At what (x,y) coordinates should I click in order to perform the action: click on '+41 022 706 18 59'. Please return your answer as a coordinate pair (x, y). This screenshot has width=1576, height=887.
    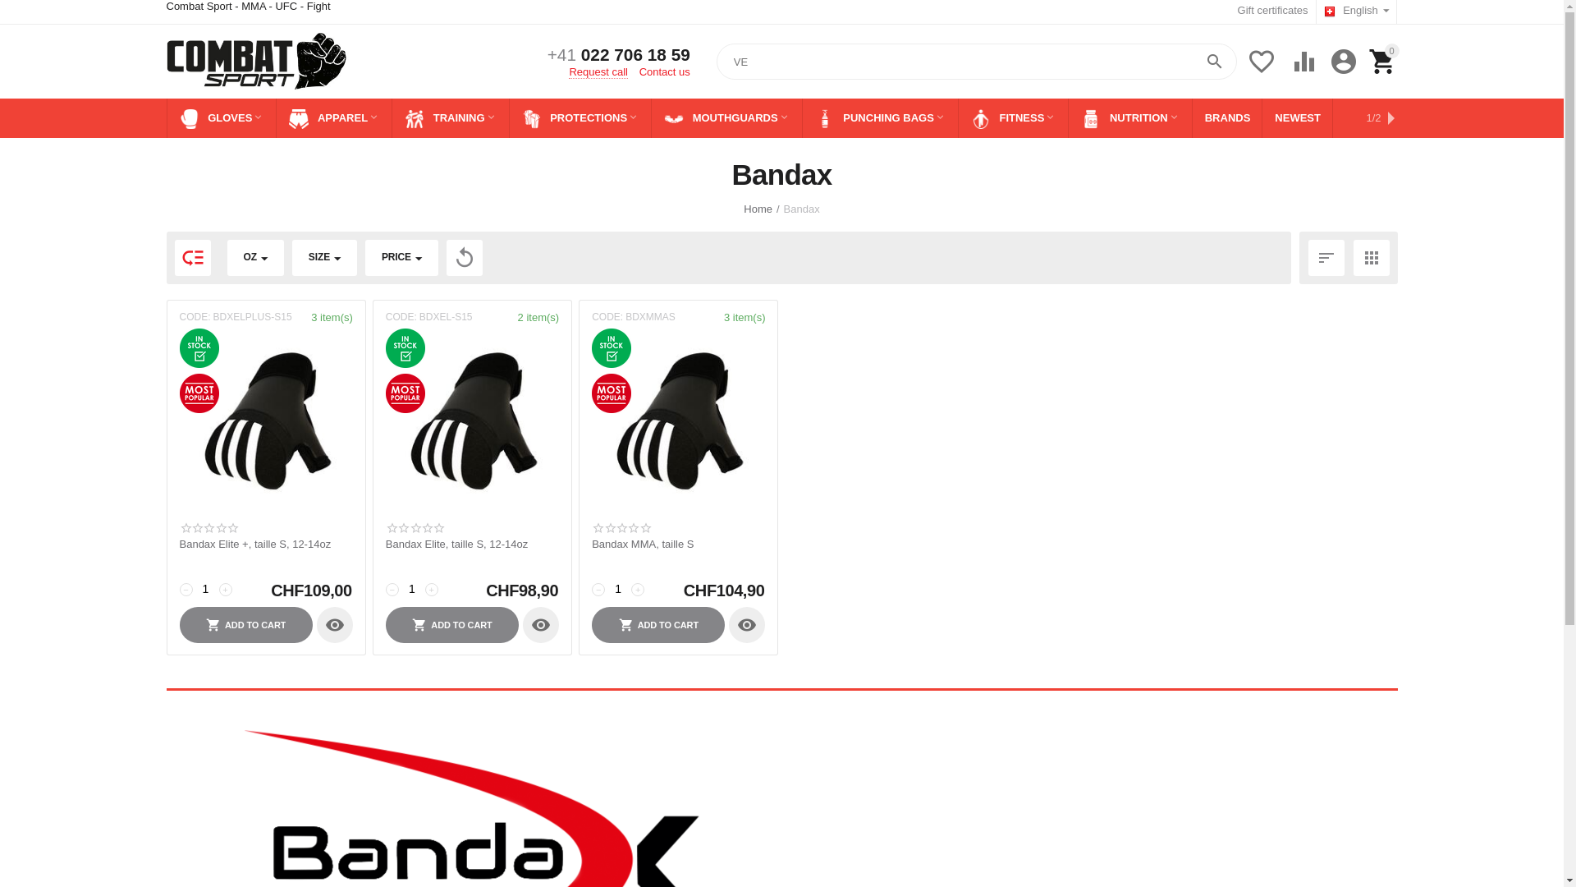
    Looking at the image, I should click on (617, 54).